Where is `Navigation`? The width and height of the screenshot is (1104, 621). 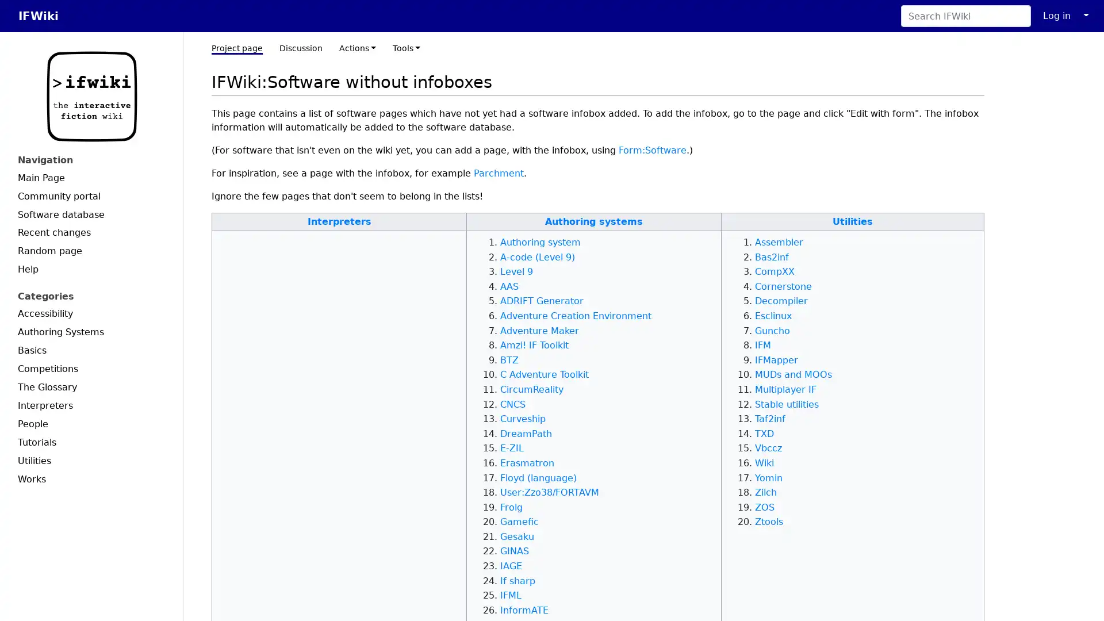 Navigation is located at coordinates (91, 160).